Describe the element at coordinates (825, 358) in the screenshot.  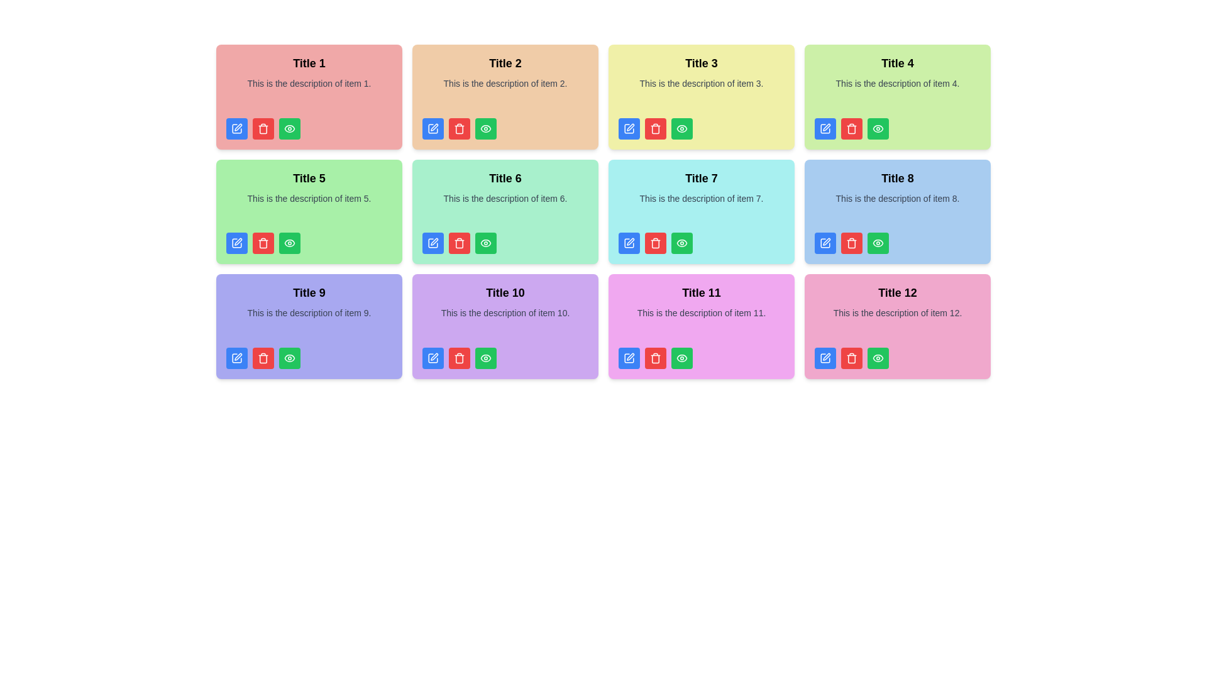
I see `the edit icon located within the blue button at the bottom-left of the card labeled 'Title 12'` at that location.